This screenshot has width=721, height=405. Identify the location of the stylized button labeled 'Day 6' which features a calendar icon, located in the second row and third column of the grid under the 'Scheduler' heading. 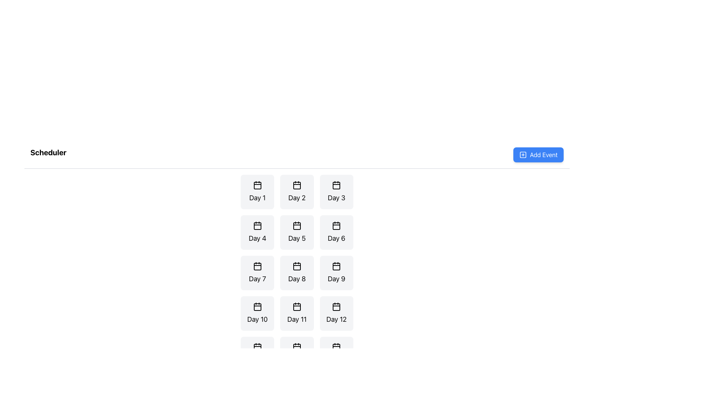
(336, 232).